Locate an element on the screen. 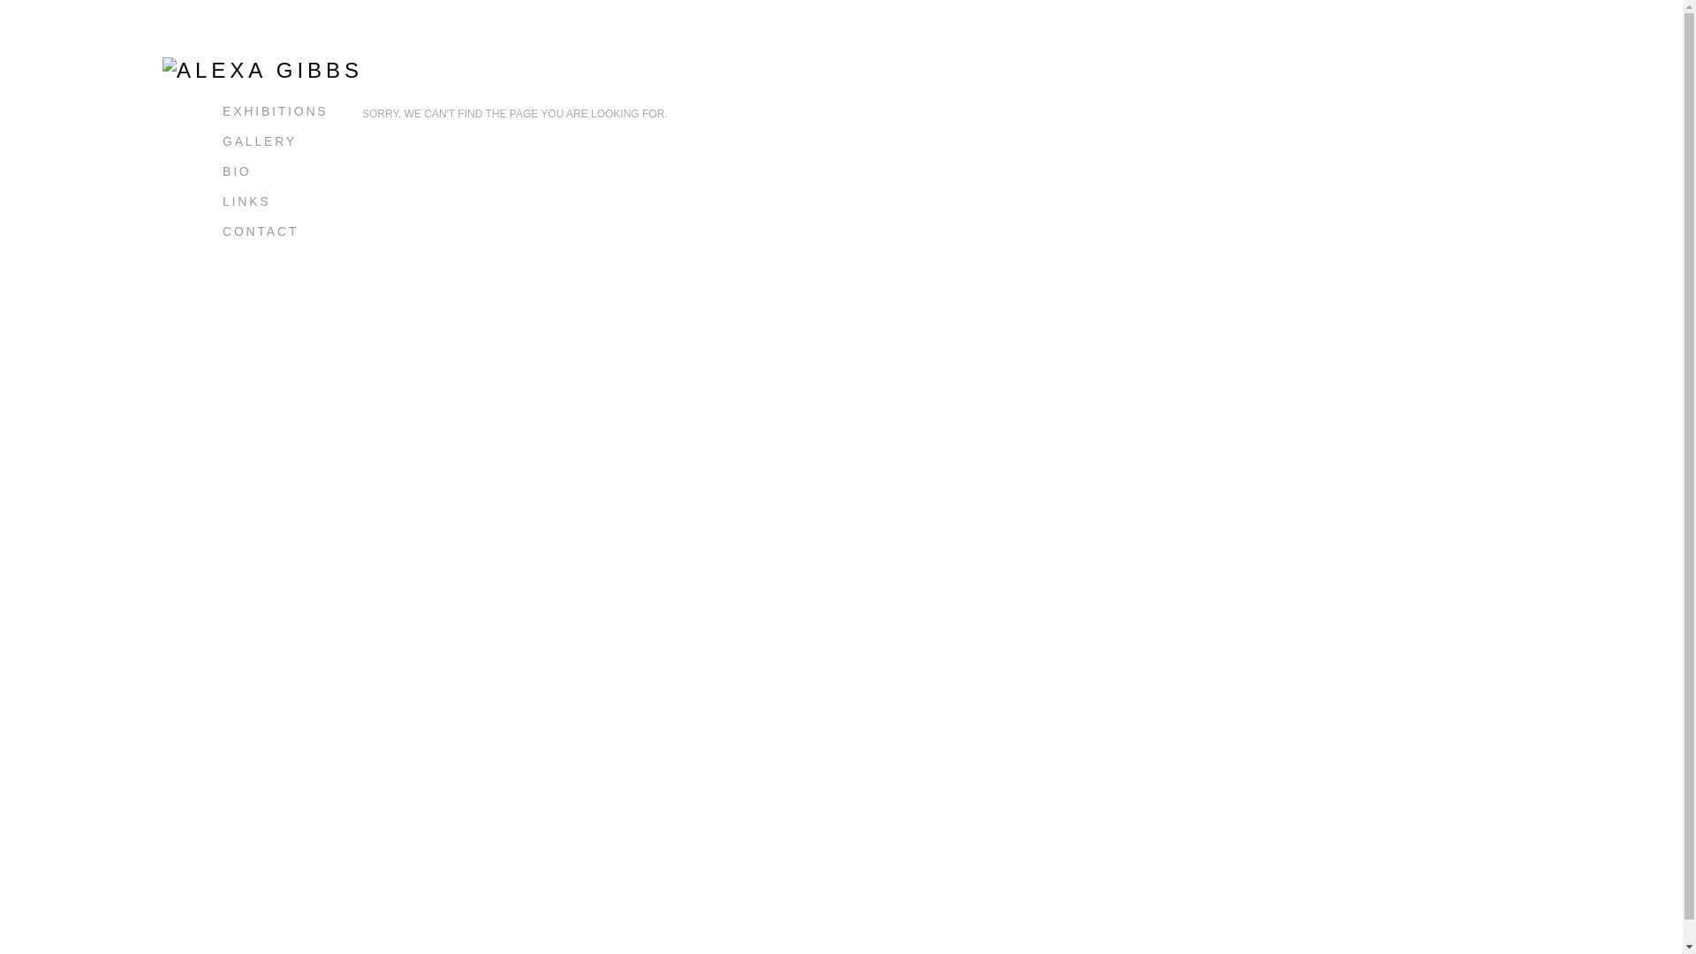 The image size is (1696, 954). 'CONTACT' is located at coordinates (259, 231).